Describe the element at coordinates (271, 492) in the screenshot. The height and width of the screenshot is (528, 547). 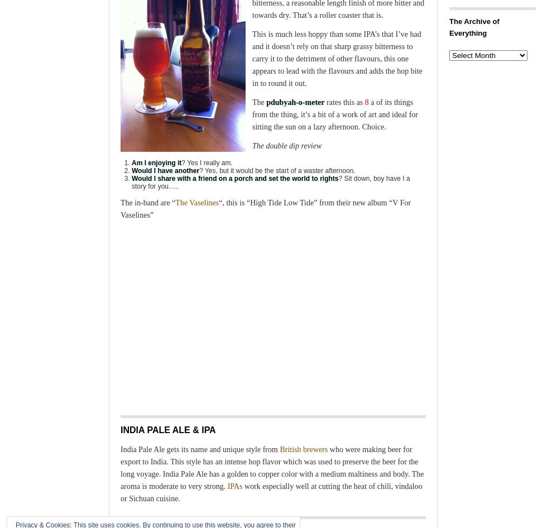
I see `'work especially well at cutting the heat of chili, vindaloo or Sichuan cuisine.'` at that location.